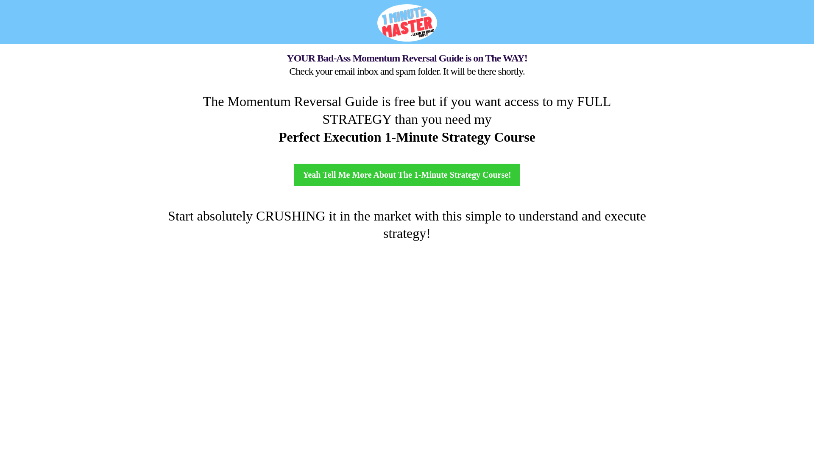 This screenshot has height=458, width=814. Describe the element at coordinates (406, 174) in the screenshot. I see `'Yeah Tell Me More About The 1-Minute Strategy Course!'` at that location.